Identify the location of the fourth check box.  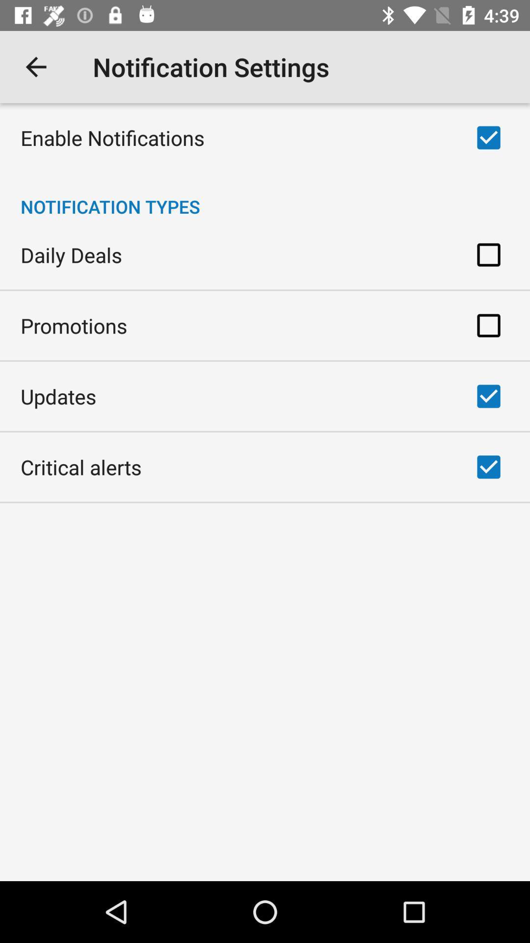
(488, 396).